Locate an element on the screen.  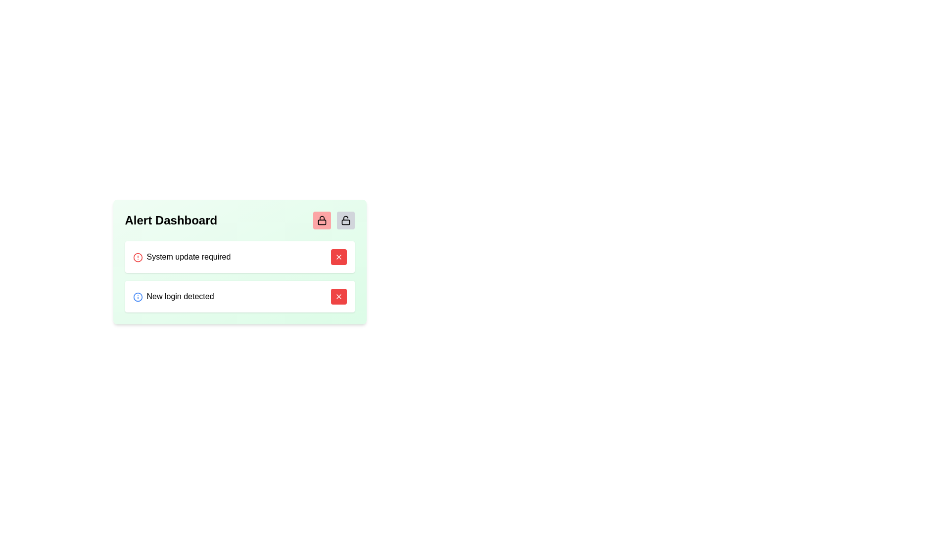
the lock icon with rounded edges located at the top-right corner of the 'Alert Dashboard' is located at coordinates (322, 220).